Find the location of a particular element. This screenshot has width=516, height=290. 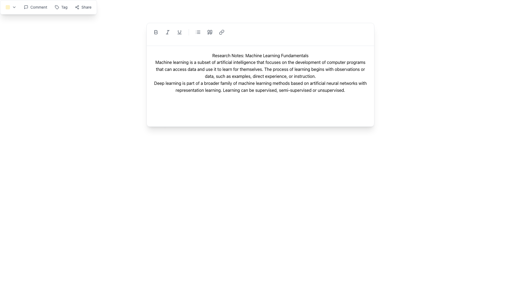

the quotation mark icon located in the upper-right portion of the toolbar above the document is located at coordinates (210, 32).